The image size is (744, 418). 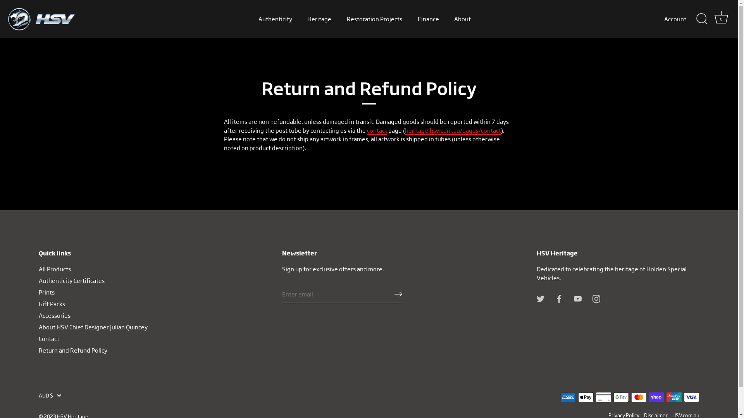 I want to click on 'Cart, so click(x=712, y=19).